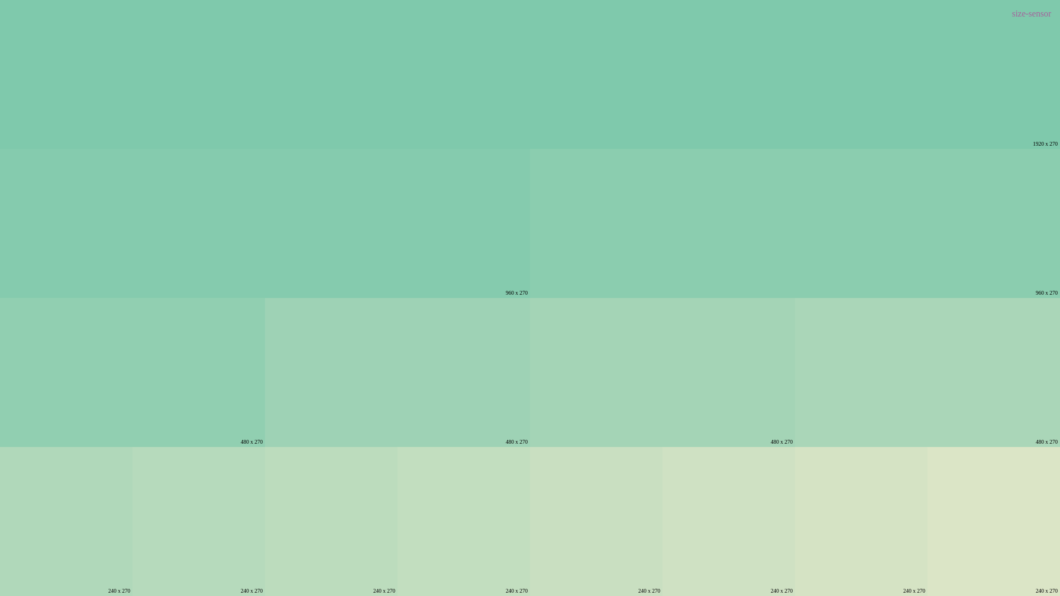 The height and width of the screenshot is (596, 1060). I want to click on 'size-sensor', so click(1031, 13).